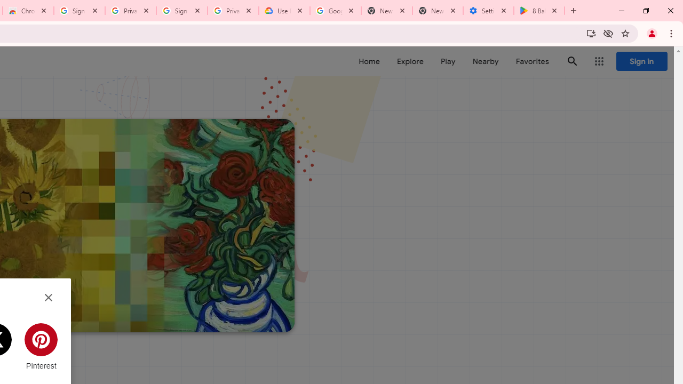 The height and width of the screenshot is (384, 683). Describe the element at coordinates (590, 33) in the screenshot. I see `'Install Google Arts & Culture'` at that location.